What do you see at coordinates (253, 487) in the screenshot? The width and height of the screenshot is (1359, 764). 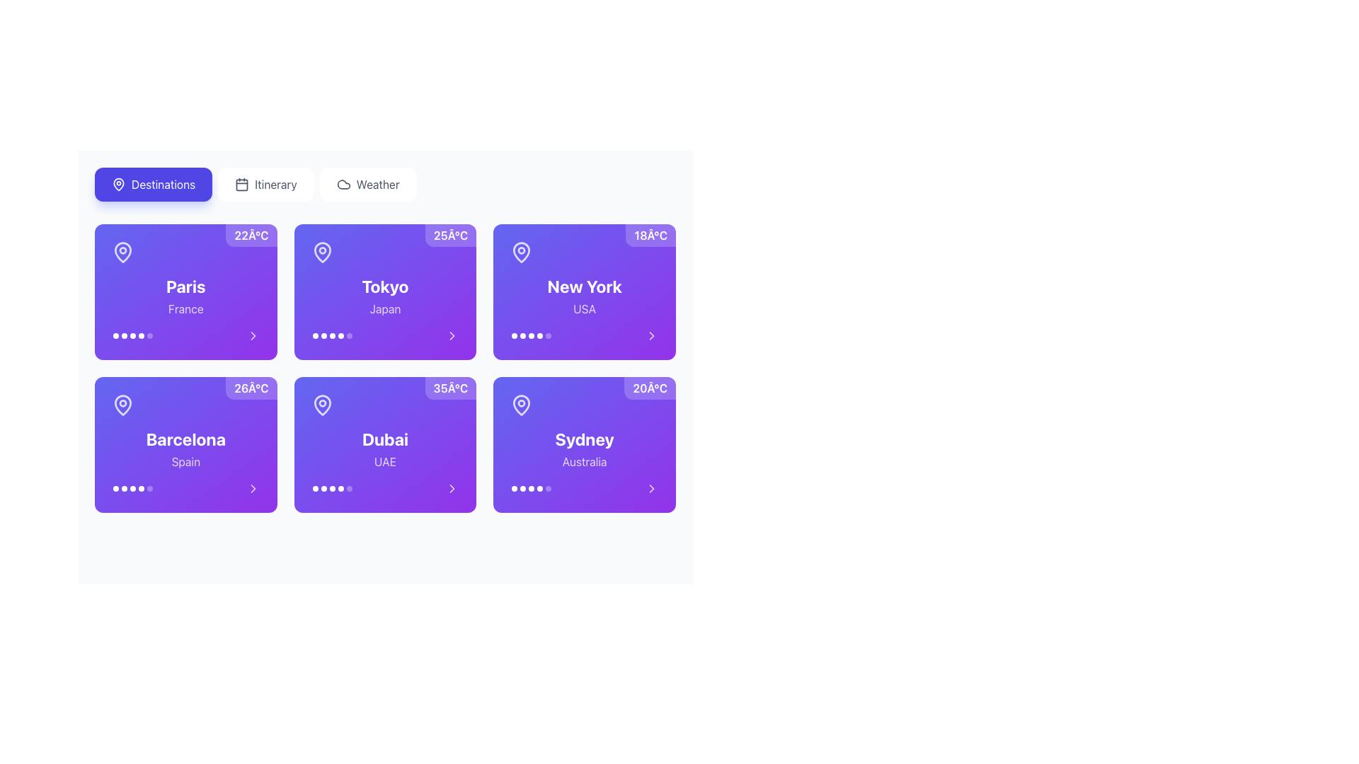 I see `the navigation button located at the bottom-right corner of the 'Barcelona' card to proceed to a detailed view` at bounding box center [253, 487].